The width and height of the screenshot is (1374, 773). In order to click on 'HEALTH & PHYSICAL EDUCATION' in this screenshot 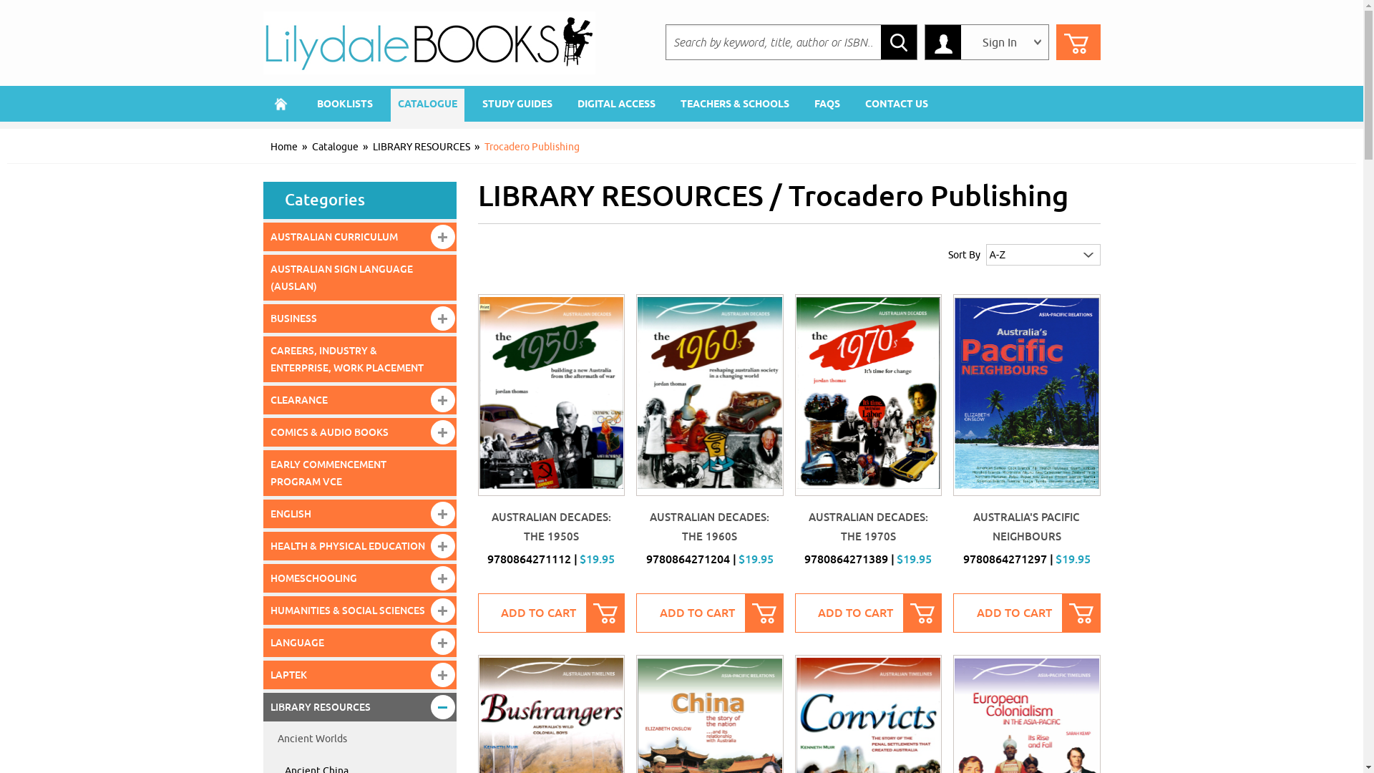, I will do `click(360, 546)`.